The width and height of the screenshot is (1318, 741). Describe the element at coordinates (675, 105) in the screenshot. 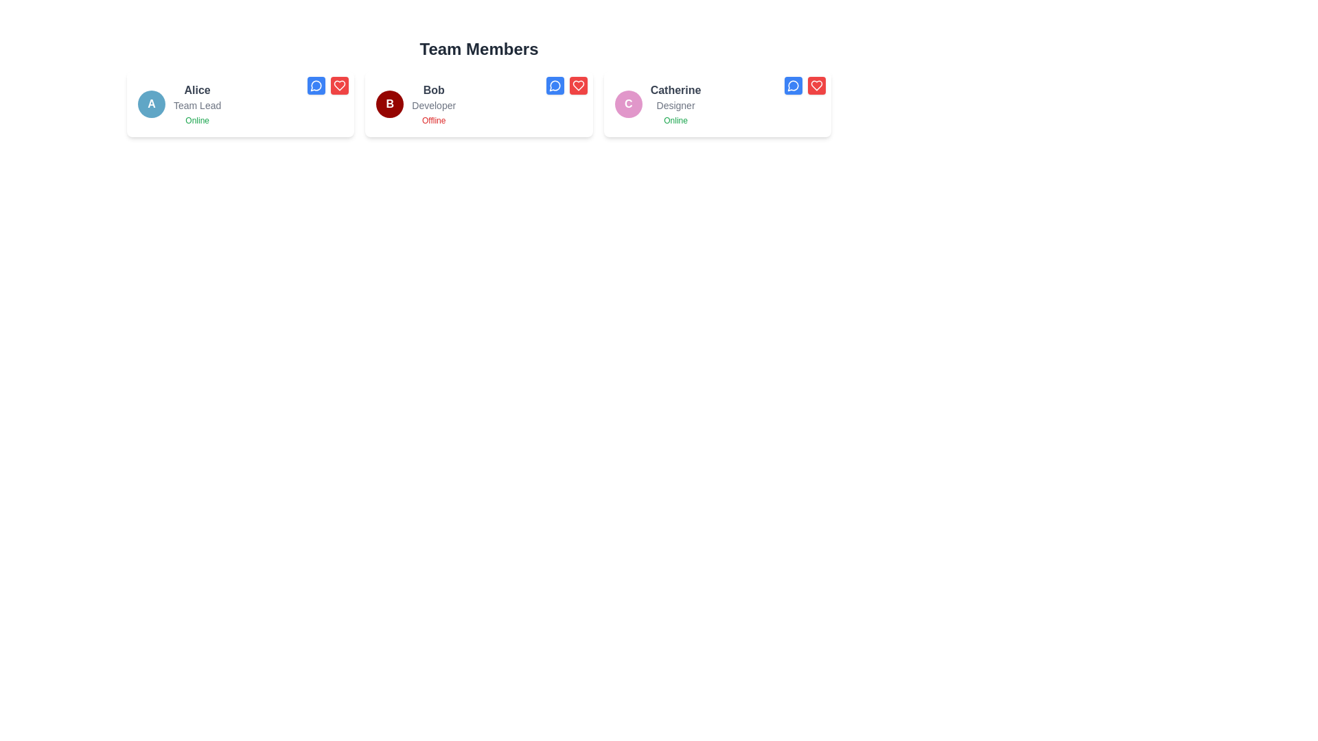

I see `text content of the Text label located on the rightmost profile card in the 'Team Members' row, positioned below 'Catherine' and above 'Online'` at that location.